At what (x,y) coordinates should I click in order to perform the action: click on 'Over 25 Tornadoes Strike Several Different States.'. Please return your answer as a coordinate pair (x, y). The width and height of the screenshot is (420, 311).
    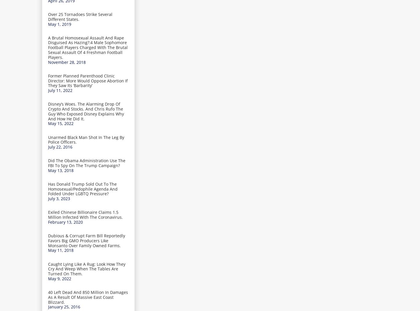
    Looking at the image, I should click on (80, 16).